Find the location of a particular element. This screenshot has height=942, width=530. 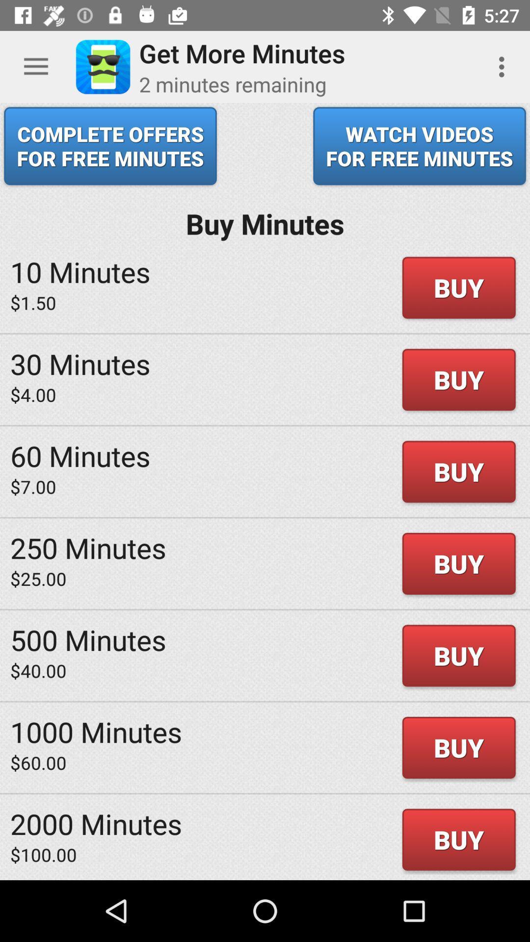

the icon above the $7.00 icon is located at coordinates (79, 455).